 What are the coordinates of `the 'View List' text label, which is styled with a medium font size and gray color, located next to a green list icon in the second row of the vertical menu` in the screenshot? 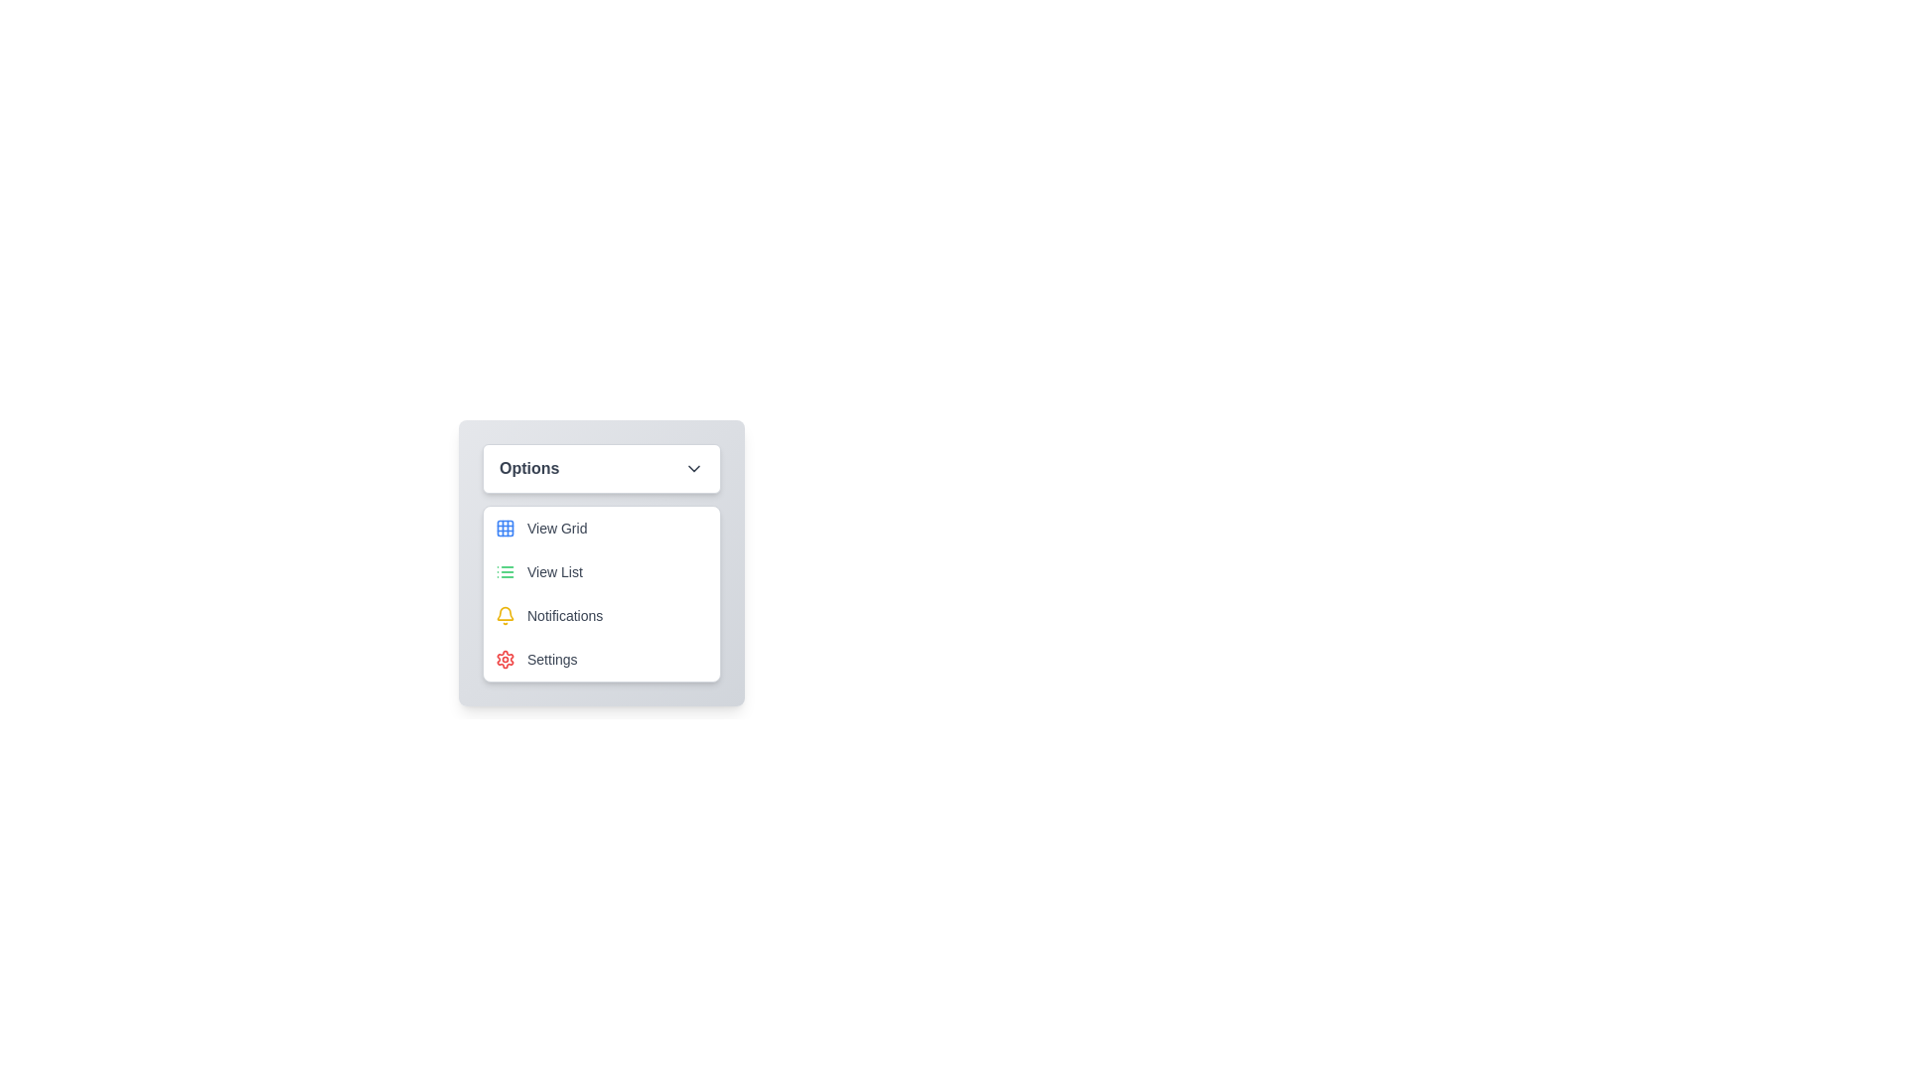 It's located at (554, 571).